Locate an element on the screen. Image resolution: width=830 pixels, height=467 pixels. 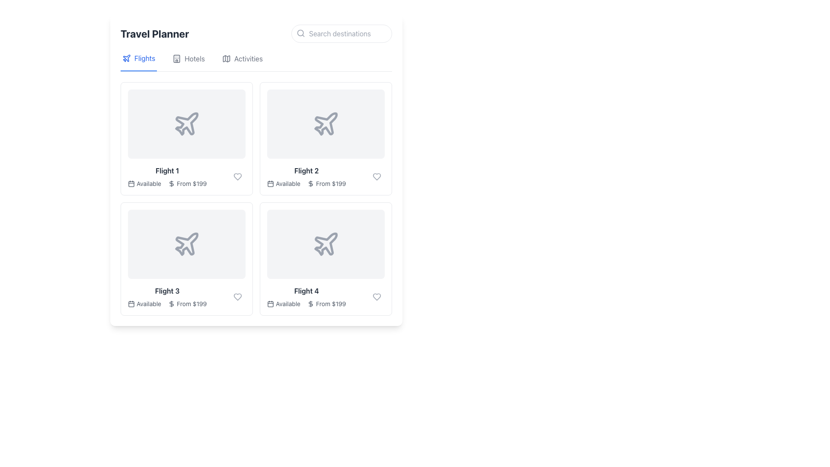
the airplane icon, which is a minimalistic gray outline without a background, located at the center of the fourth card in a grid layout of flight offerings is located at coordinates (325, 244).